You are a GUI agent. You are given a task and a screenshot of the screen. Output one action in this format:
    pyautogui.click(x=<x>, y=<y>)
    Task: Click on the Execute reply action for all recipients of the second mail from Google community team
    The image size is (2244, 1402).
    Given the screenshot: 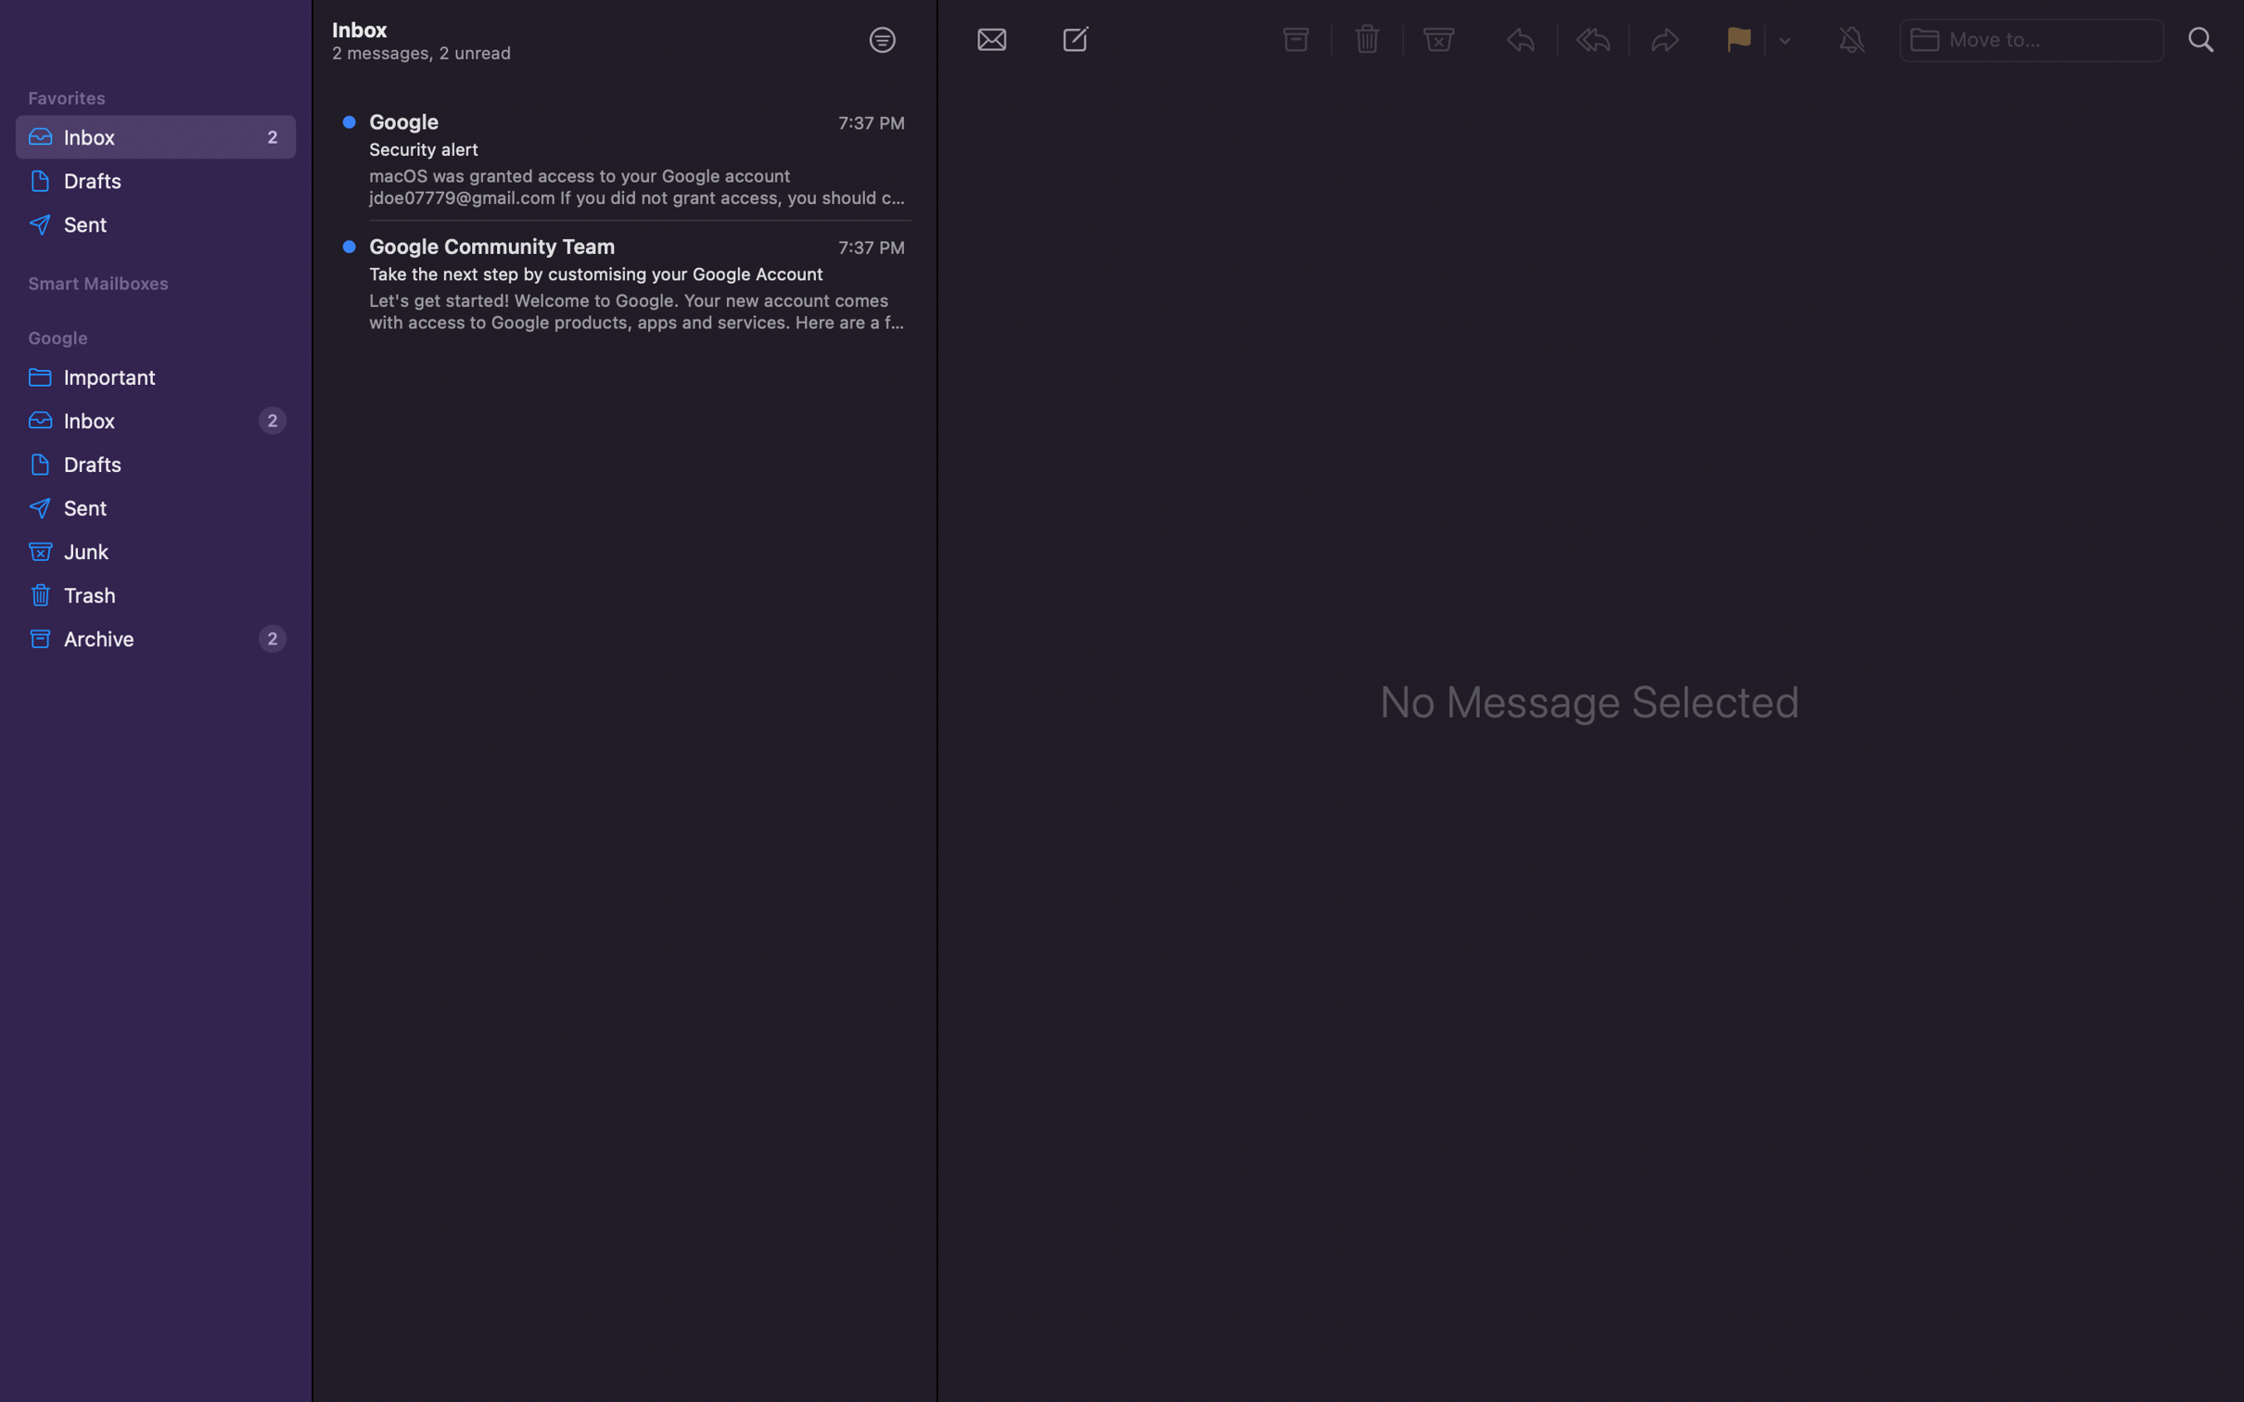 What is the action you would take?
    pyautogui.click(x=627, y=287)
    